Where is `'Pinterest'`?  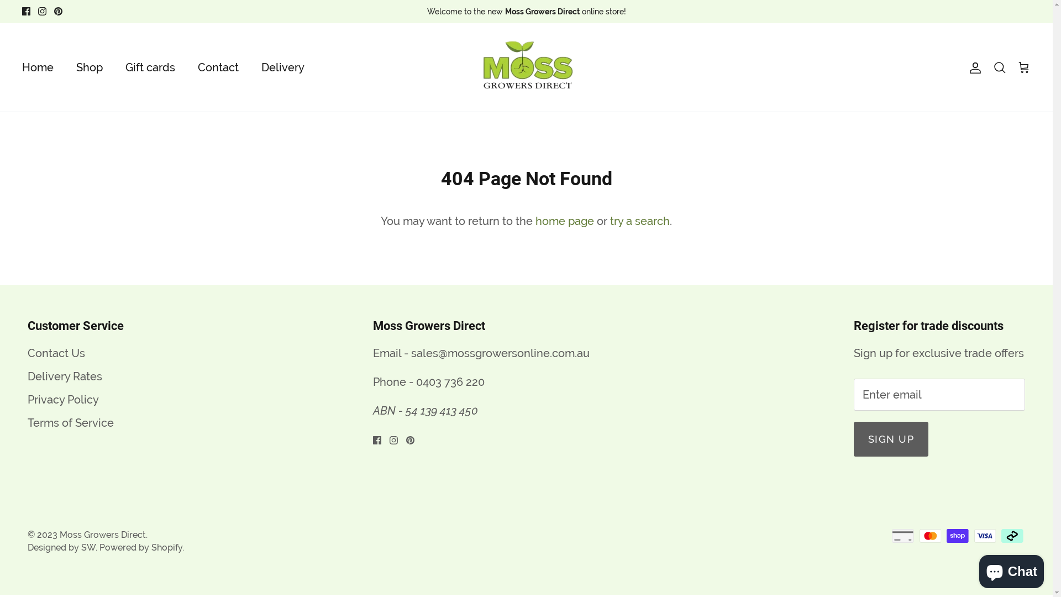
'Pinterest' is located at coordinates (409, 439).